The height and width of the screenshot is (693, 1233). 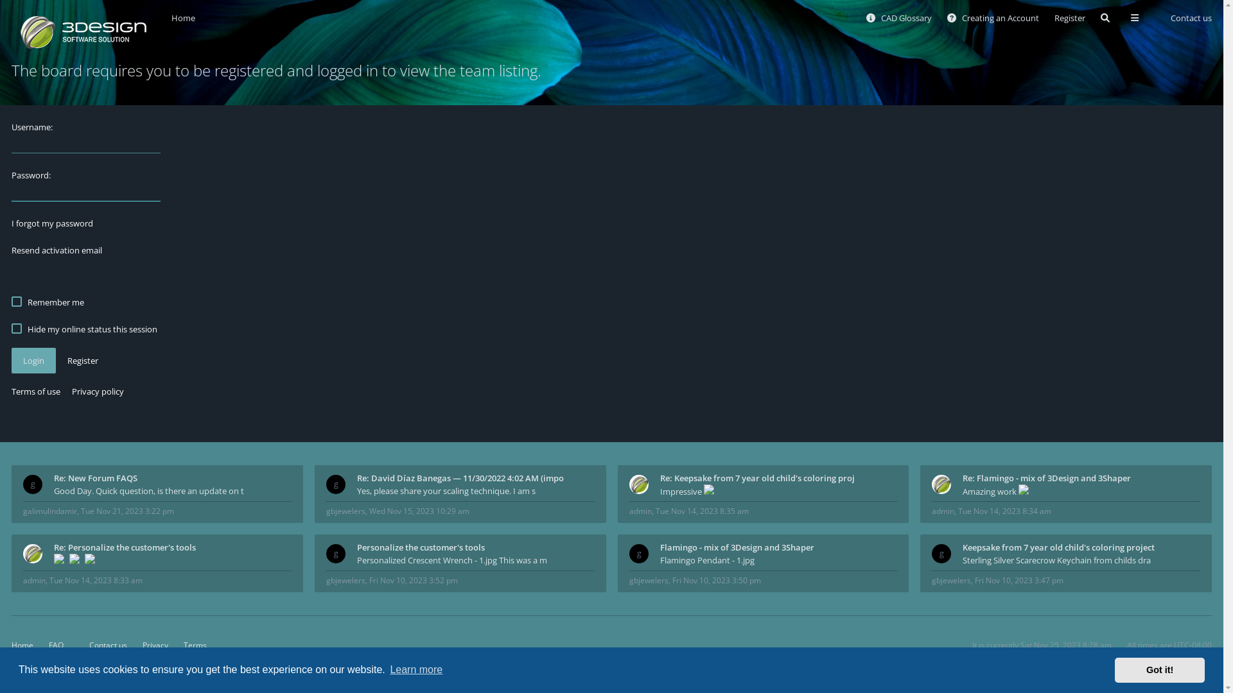 I want to click on 'Personalize the customer's tools', so click(x=357, y=547).